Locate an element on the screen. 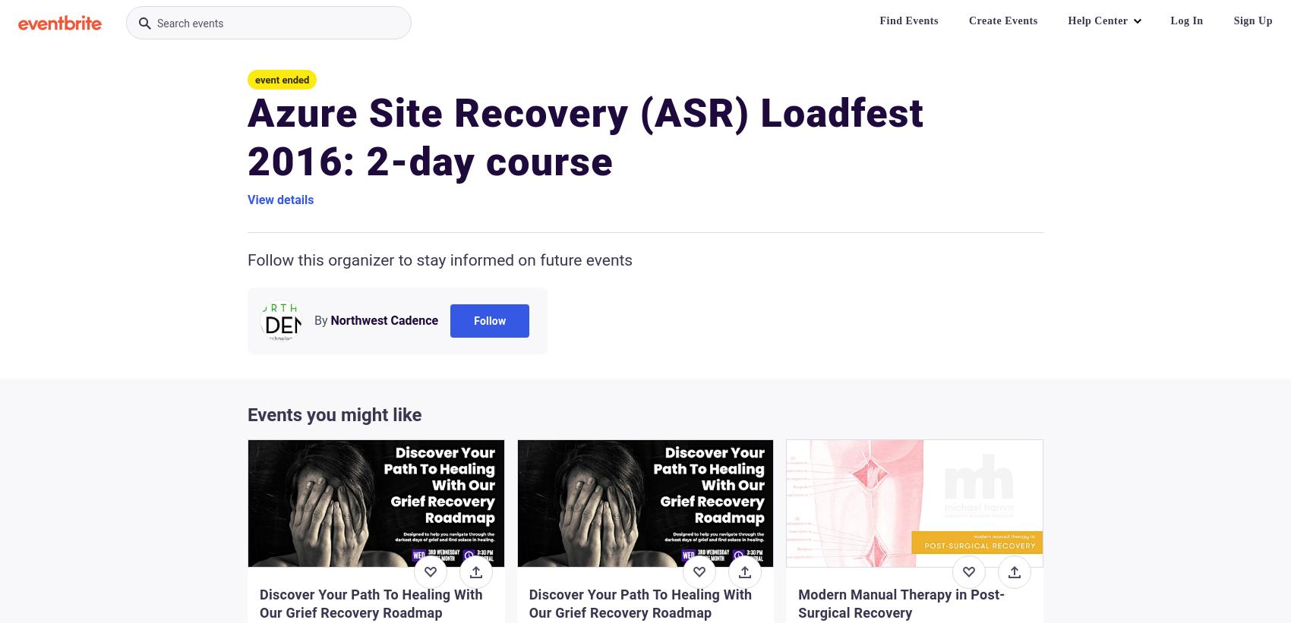 This screenshot has width=1291, height=623. 'Create Events' is located at coordinates (968, 20).